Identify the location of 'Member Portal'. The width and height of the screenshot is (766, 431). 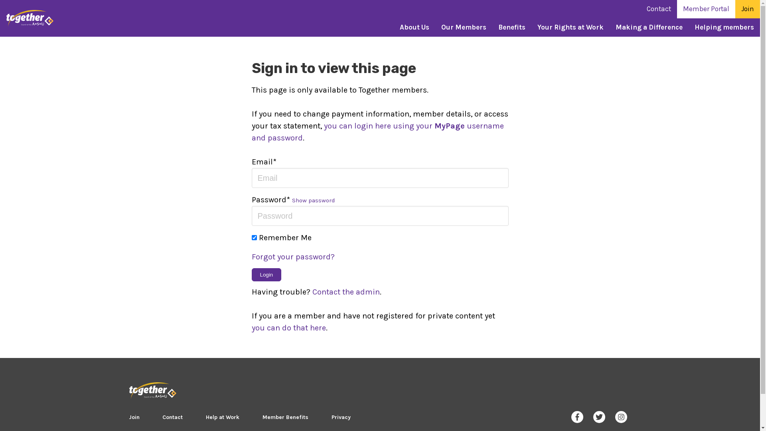
(706, 9).